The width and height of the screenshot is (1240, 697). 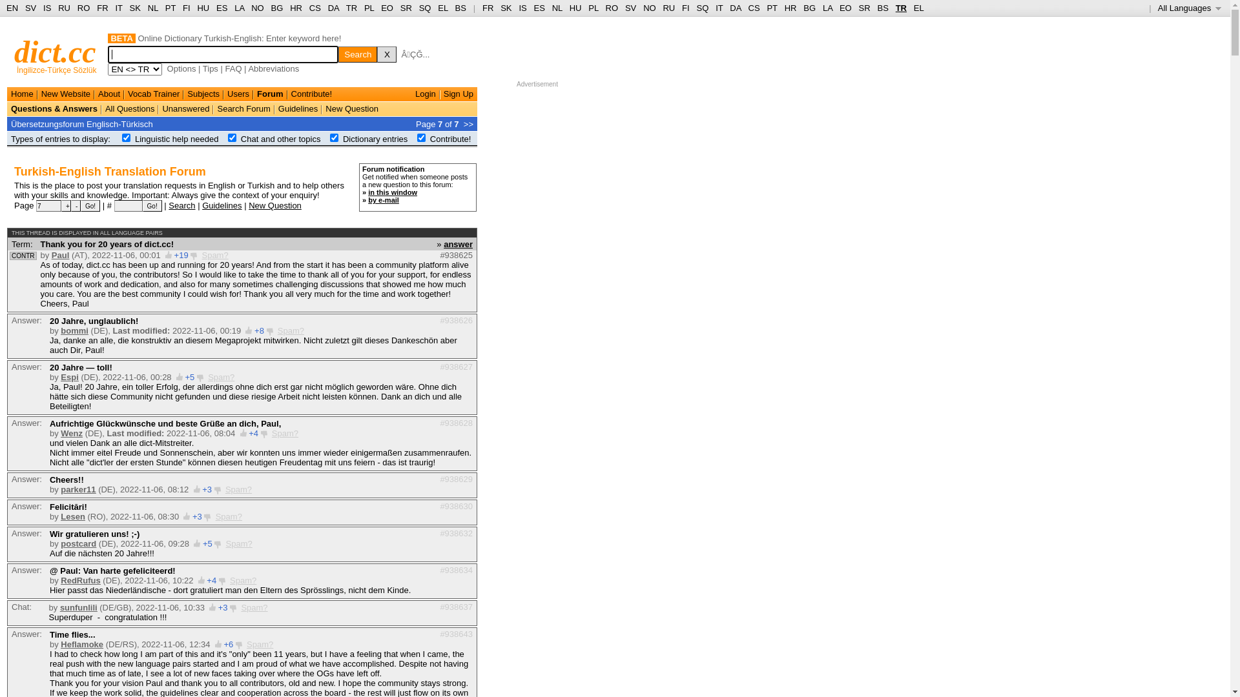 I want to click on 'TR', so click(x=900, y=8).